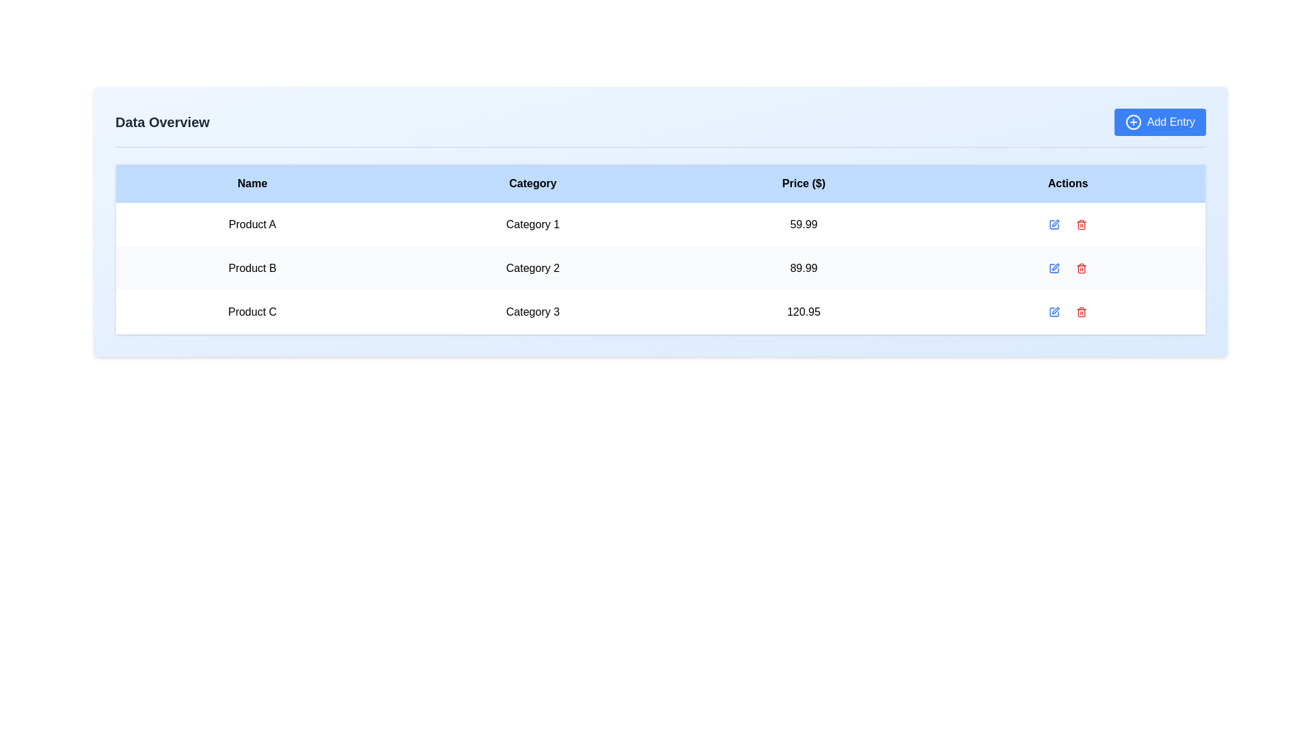 This screenshot has height=738, width=1312. I want to click on the 'Edit' icon button located in the 'Actions' column of the first row in the data table to change its color, indicating interactivity, so click(1053, 223).